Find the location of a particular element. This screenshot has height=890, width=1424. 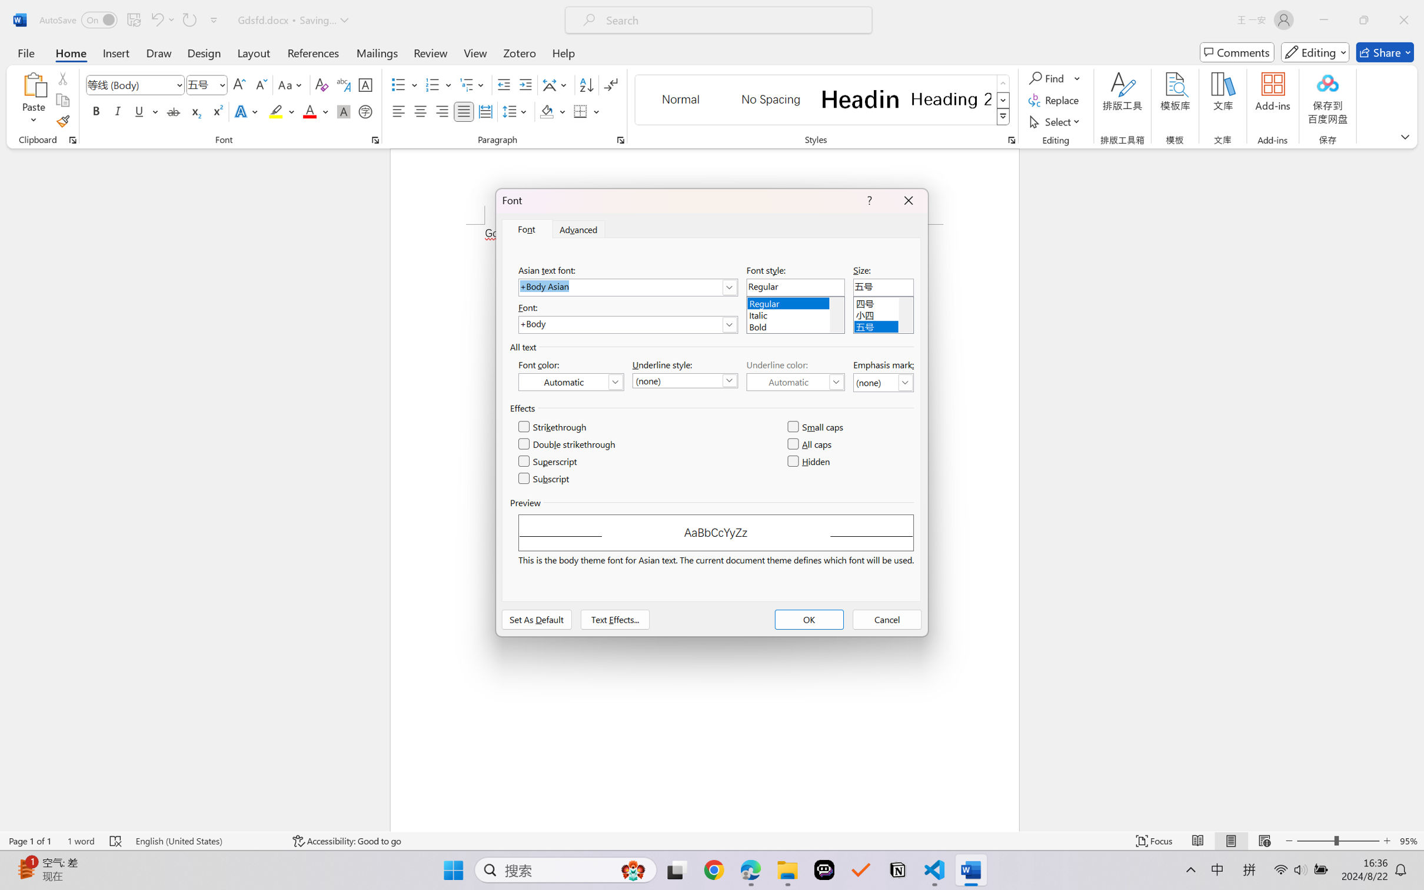

'Sort...' is located at coordinates (586, 85).